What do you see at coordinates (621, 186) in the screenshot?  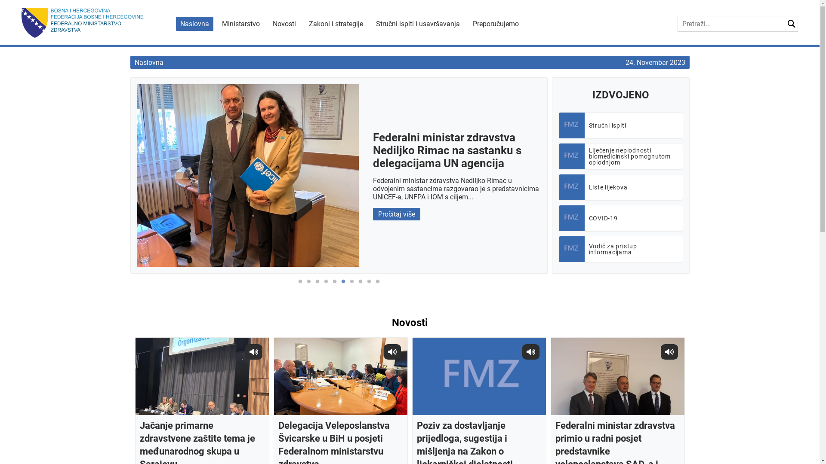 I see `'Liste lijekova'` at bounding box center [621, 186].